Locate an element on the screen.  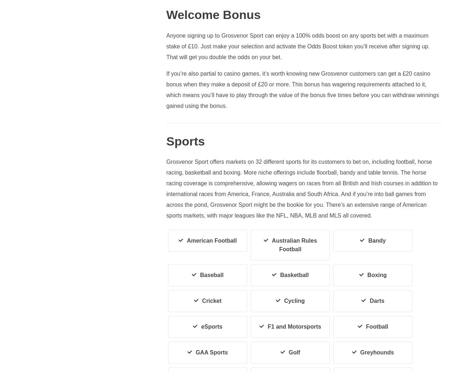
'Football' is located at coordinates (377, 326).